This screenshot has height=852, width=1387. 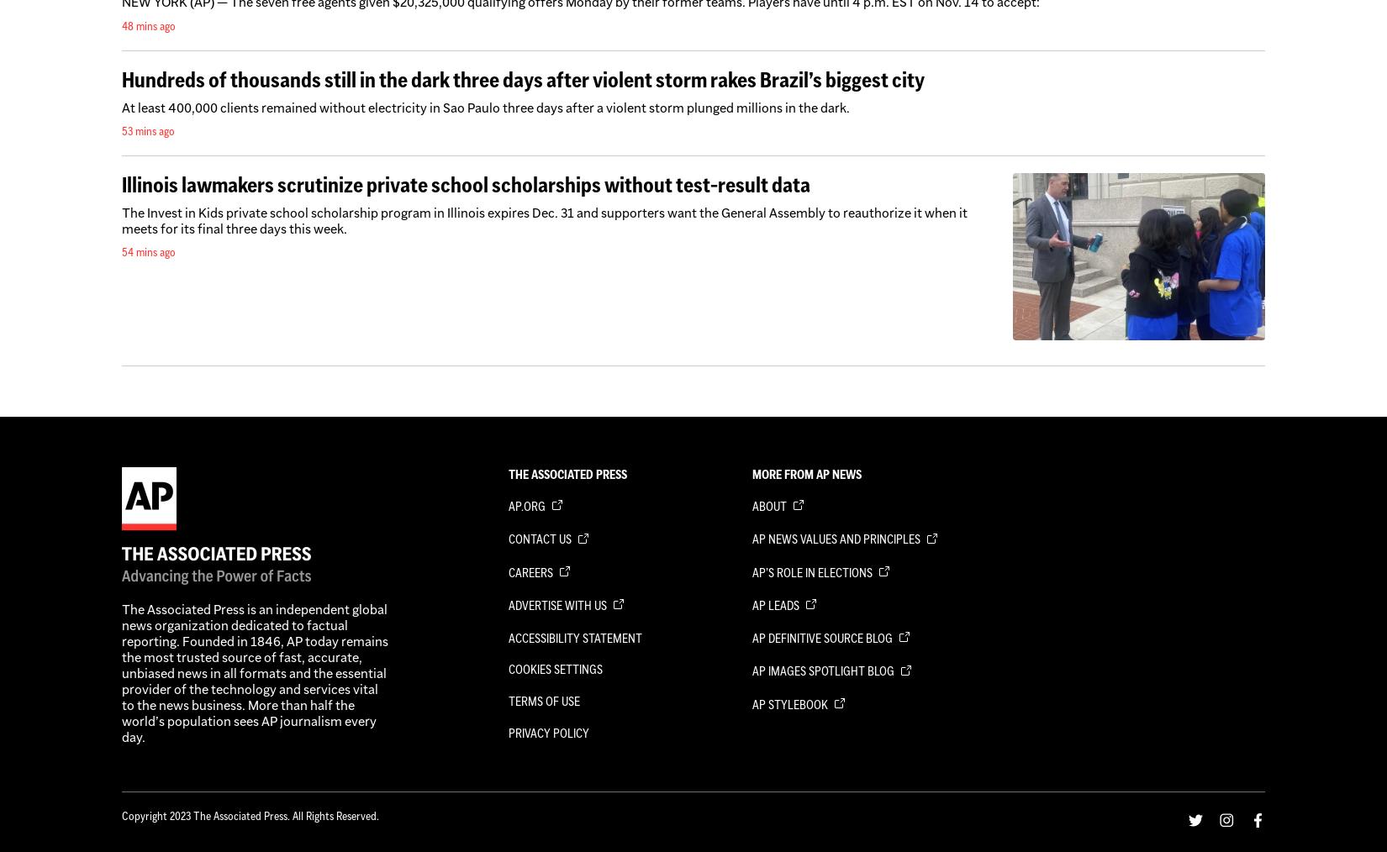 What do you see at coordinates (250, 814) in the screenshot?
I see `'Copyright 2023 The Associated Press. All Rights Reserved.'` at bounding box center [250, 814].